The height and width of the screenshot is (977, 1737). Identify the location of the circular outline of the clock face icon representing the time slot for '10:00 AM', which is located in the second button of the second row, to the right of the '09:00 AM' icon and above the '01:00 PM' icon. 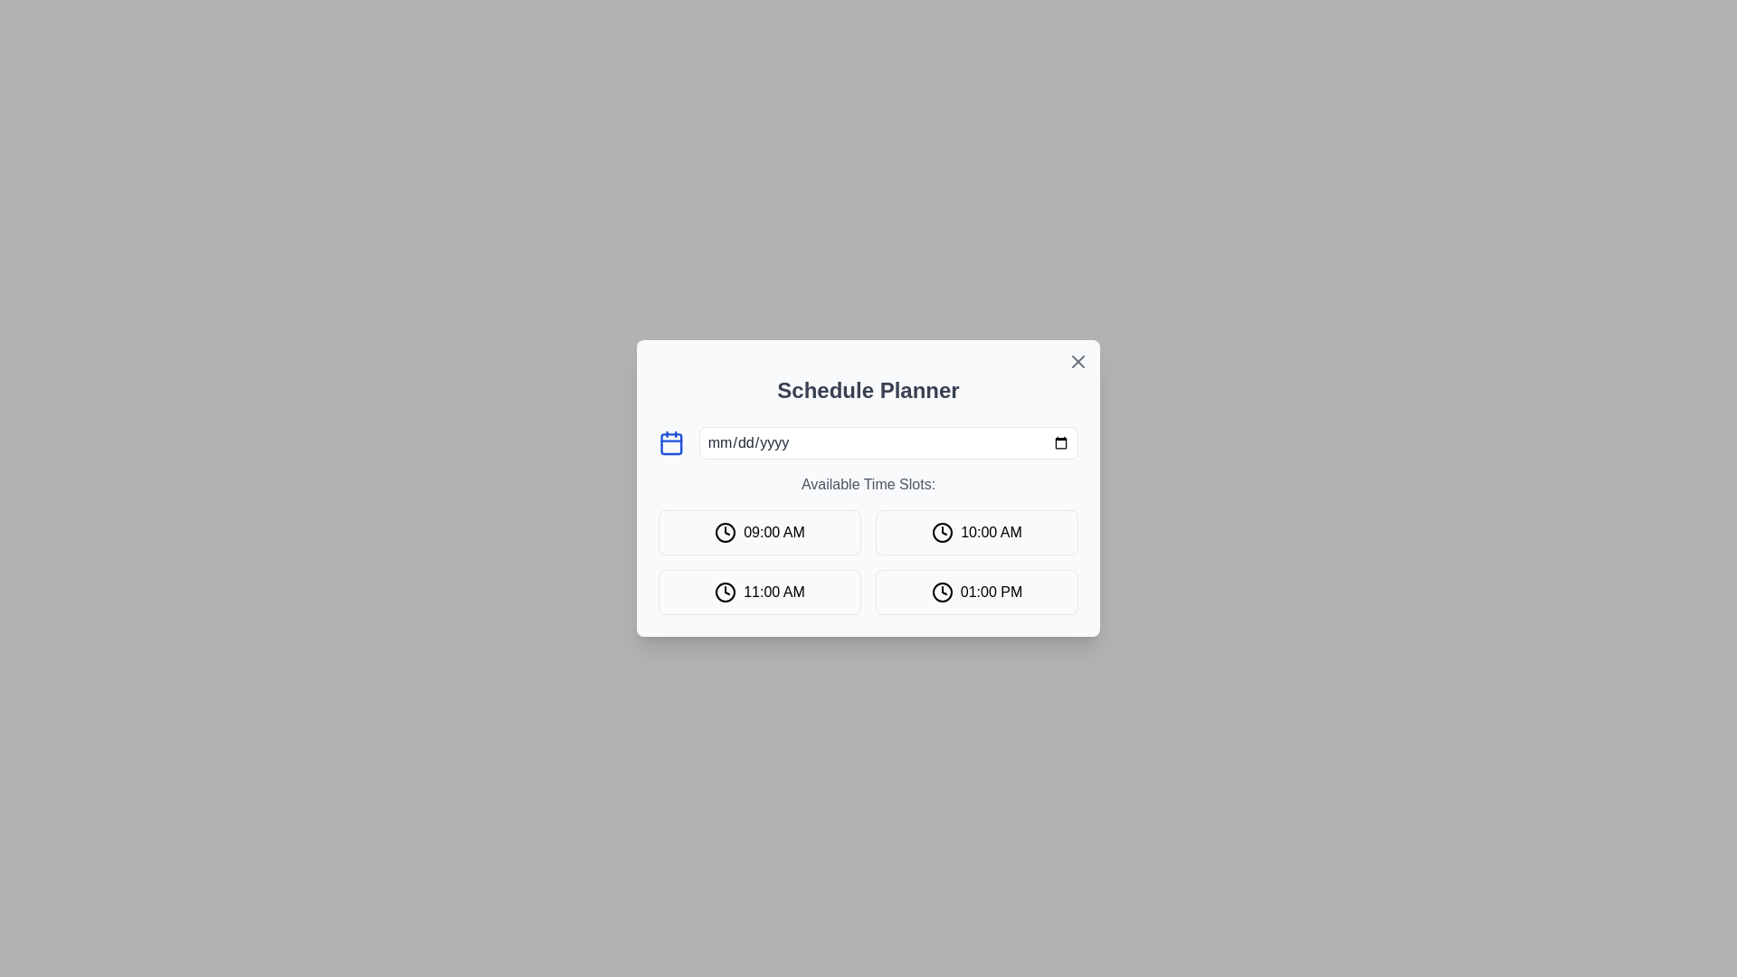
(942, 532).